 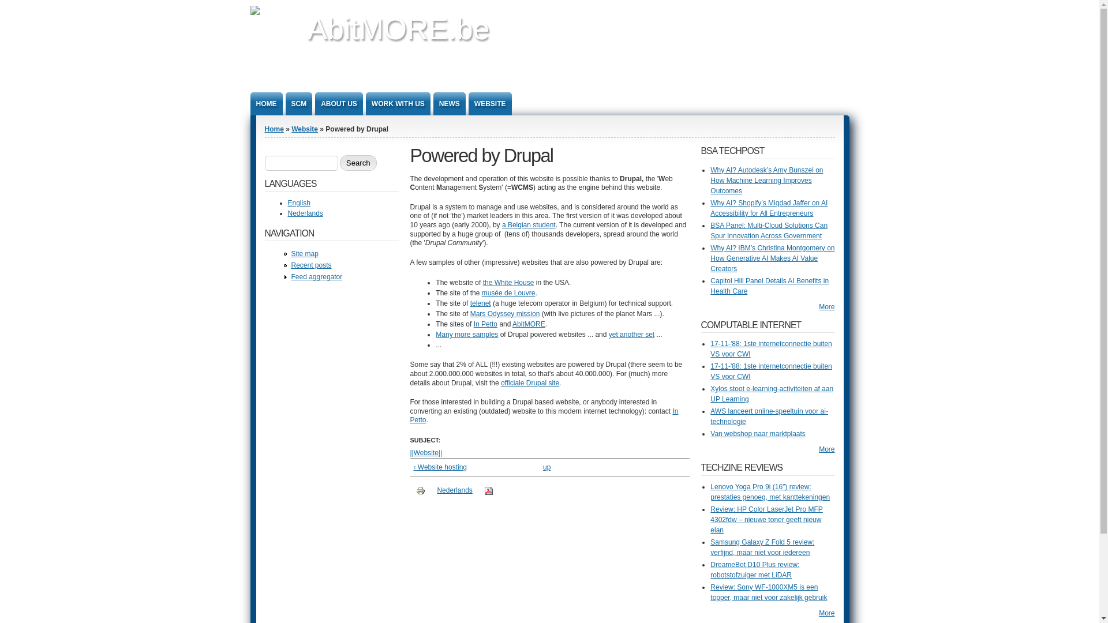 I want to click on 'the White House', so click(x=508, y=282).